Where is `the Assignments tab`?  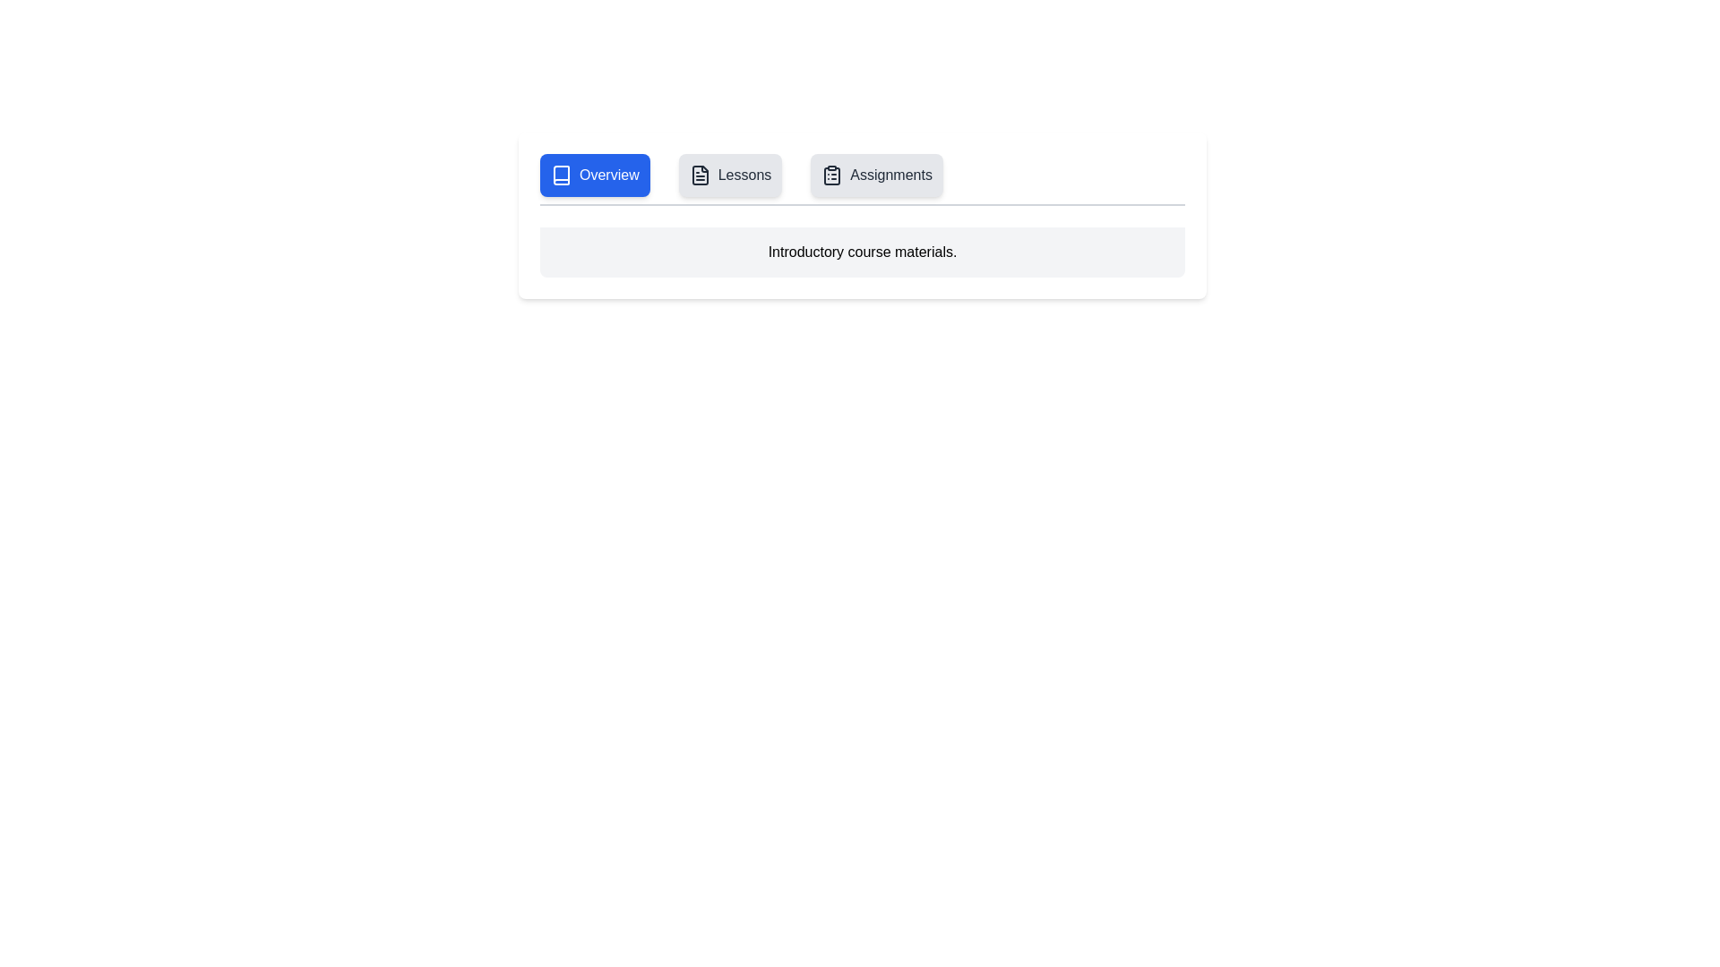
the Assignments tab is located at coordinates (877, 175).